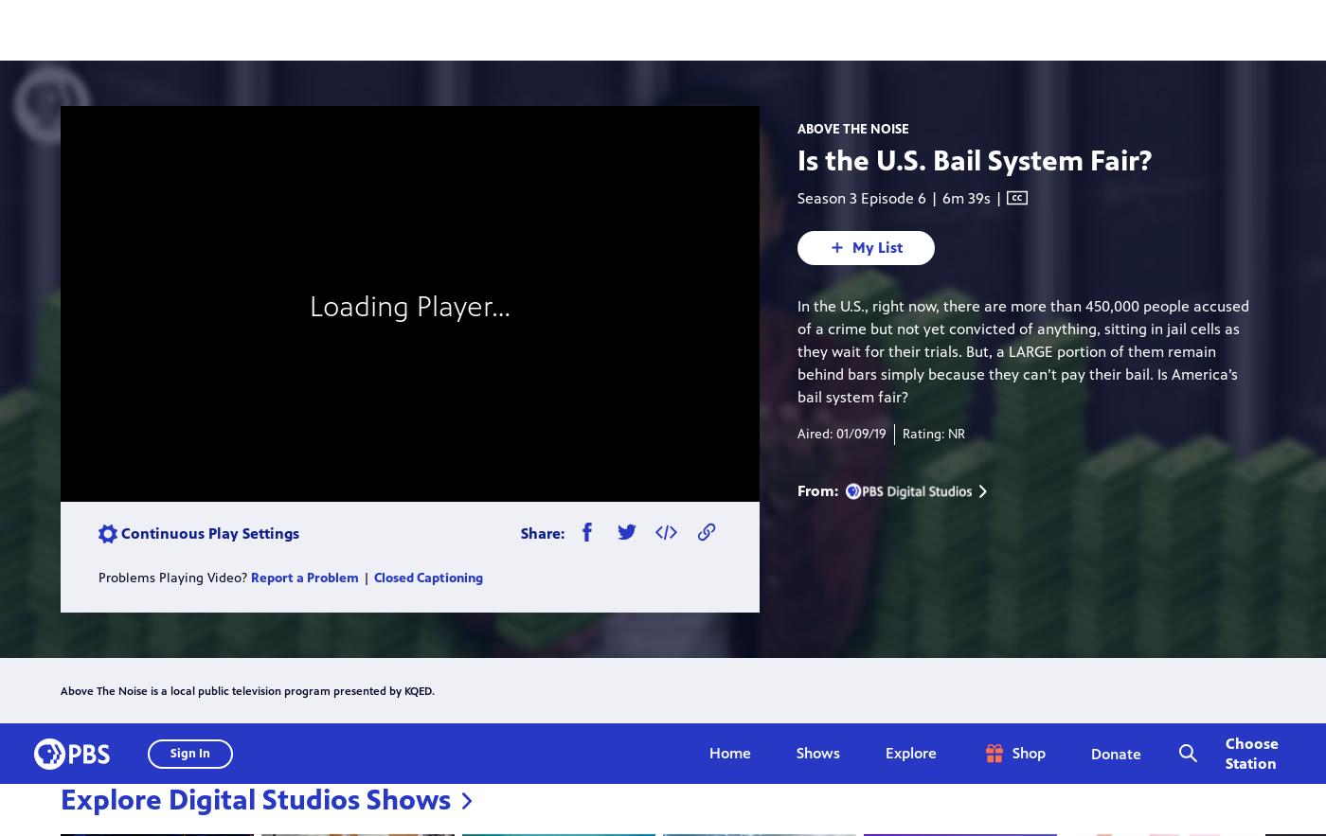  What do you see at coordinates (835, 819) in the screenshot?
I see `'Producing for PBS'` at bounding box center [835, 819].